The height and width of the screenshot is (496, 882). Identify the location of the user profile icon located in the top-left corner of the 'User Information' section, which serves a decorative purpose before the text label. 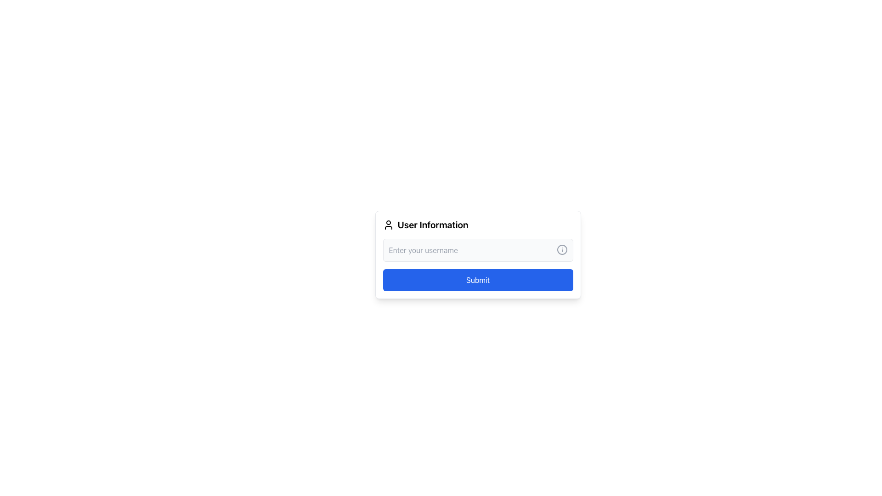
(388, 225).